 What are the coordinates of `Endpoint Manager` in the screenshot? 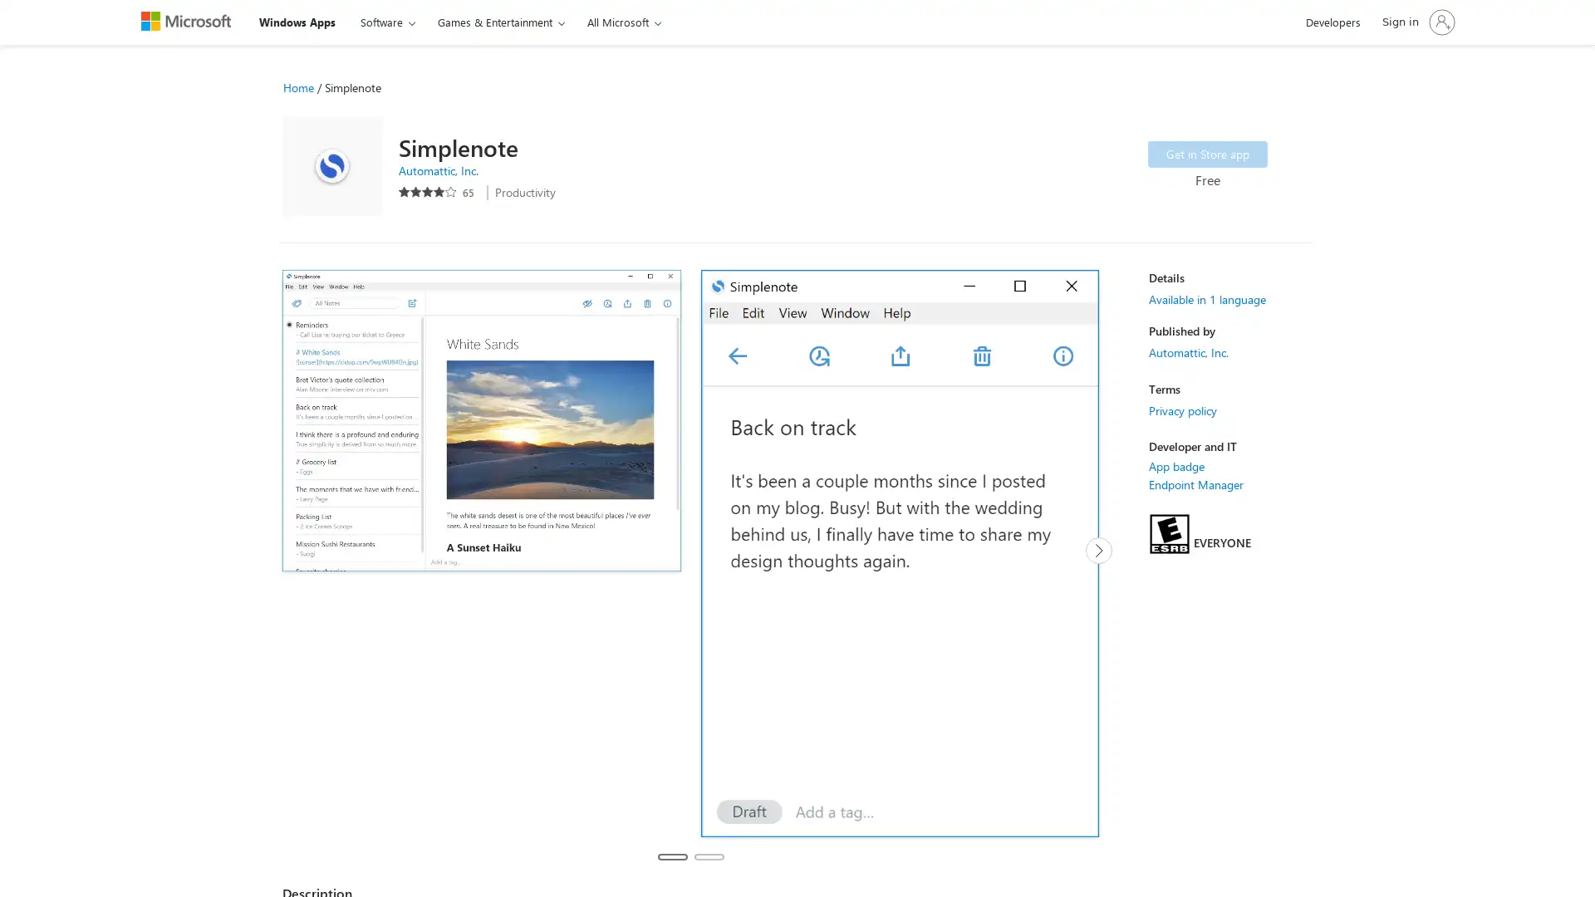 It's located at (1196, 484).